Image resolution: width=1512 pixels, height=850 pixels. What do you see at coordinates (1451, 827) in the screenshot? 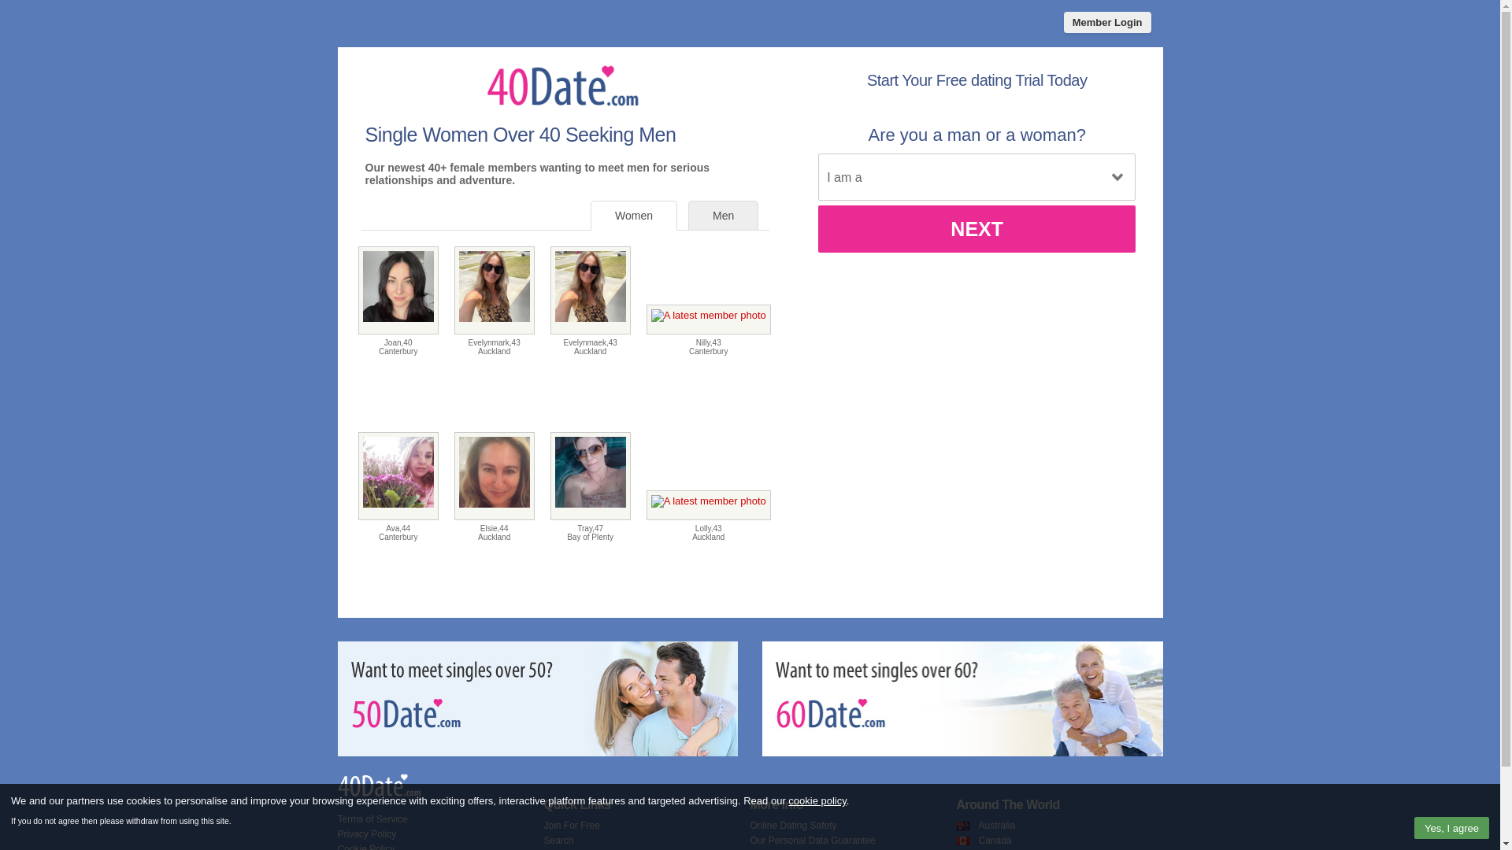
I see `'Yes, I agree'` at bounding box center [1451, 827].